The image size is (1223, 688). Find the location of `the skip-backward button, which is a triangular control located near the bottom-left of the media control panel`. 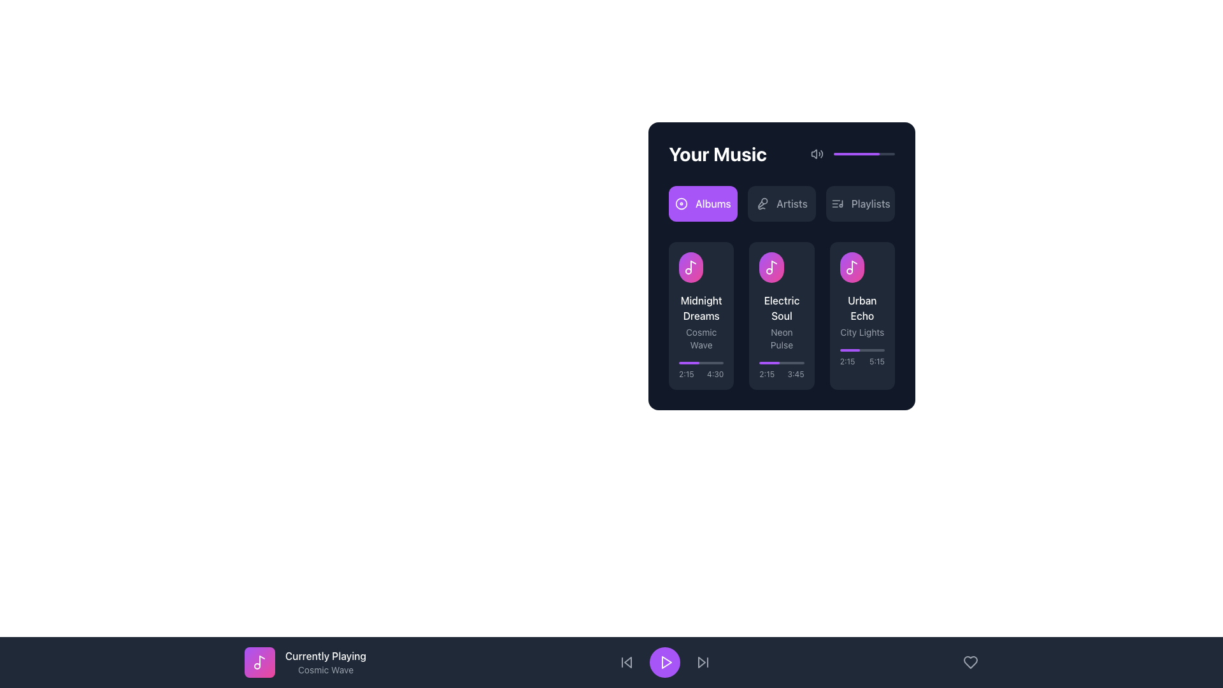

the skip-backward button, which is a triangular control located near the bottom-left of the media control panel is located at coordinates (627, 662).